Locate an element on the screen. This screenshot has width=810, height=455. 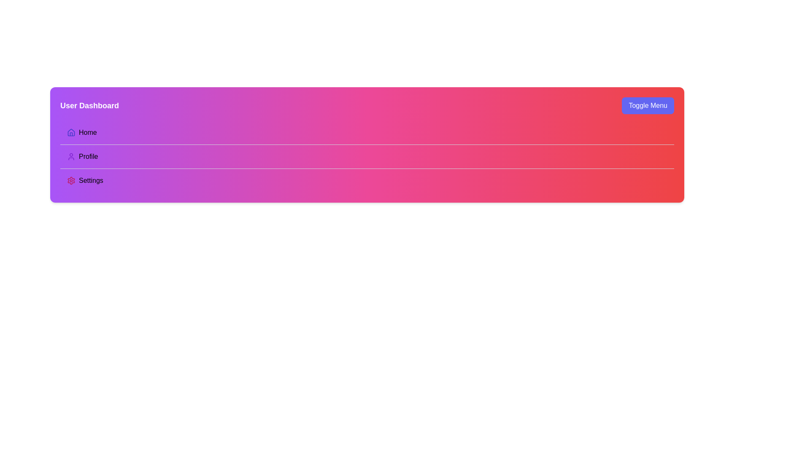
the user silhouette icon, which is purple and indicates the profile or account section, located to the left of the 'Profile' text is located at coordinates (71, 156).